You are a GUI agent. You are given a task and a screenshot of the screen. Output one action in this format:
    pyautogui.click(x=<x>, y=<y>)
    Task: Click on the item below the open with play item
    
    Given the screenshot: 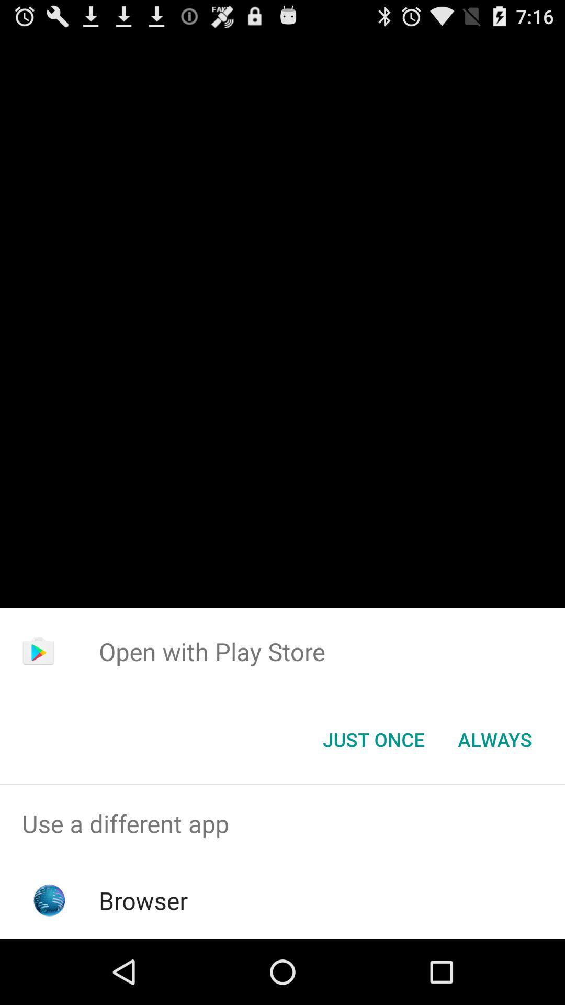 What is the action you would take?
    pyautogui.click(x=494, y=739)
    